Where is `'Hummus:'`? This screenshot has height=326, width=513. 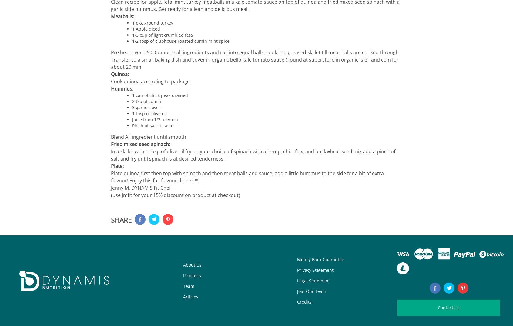
'Hummus:' is located at coordinates (111, 88).